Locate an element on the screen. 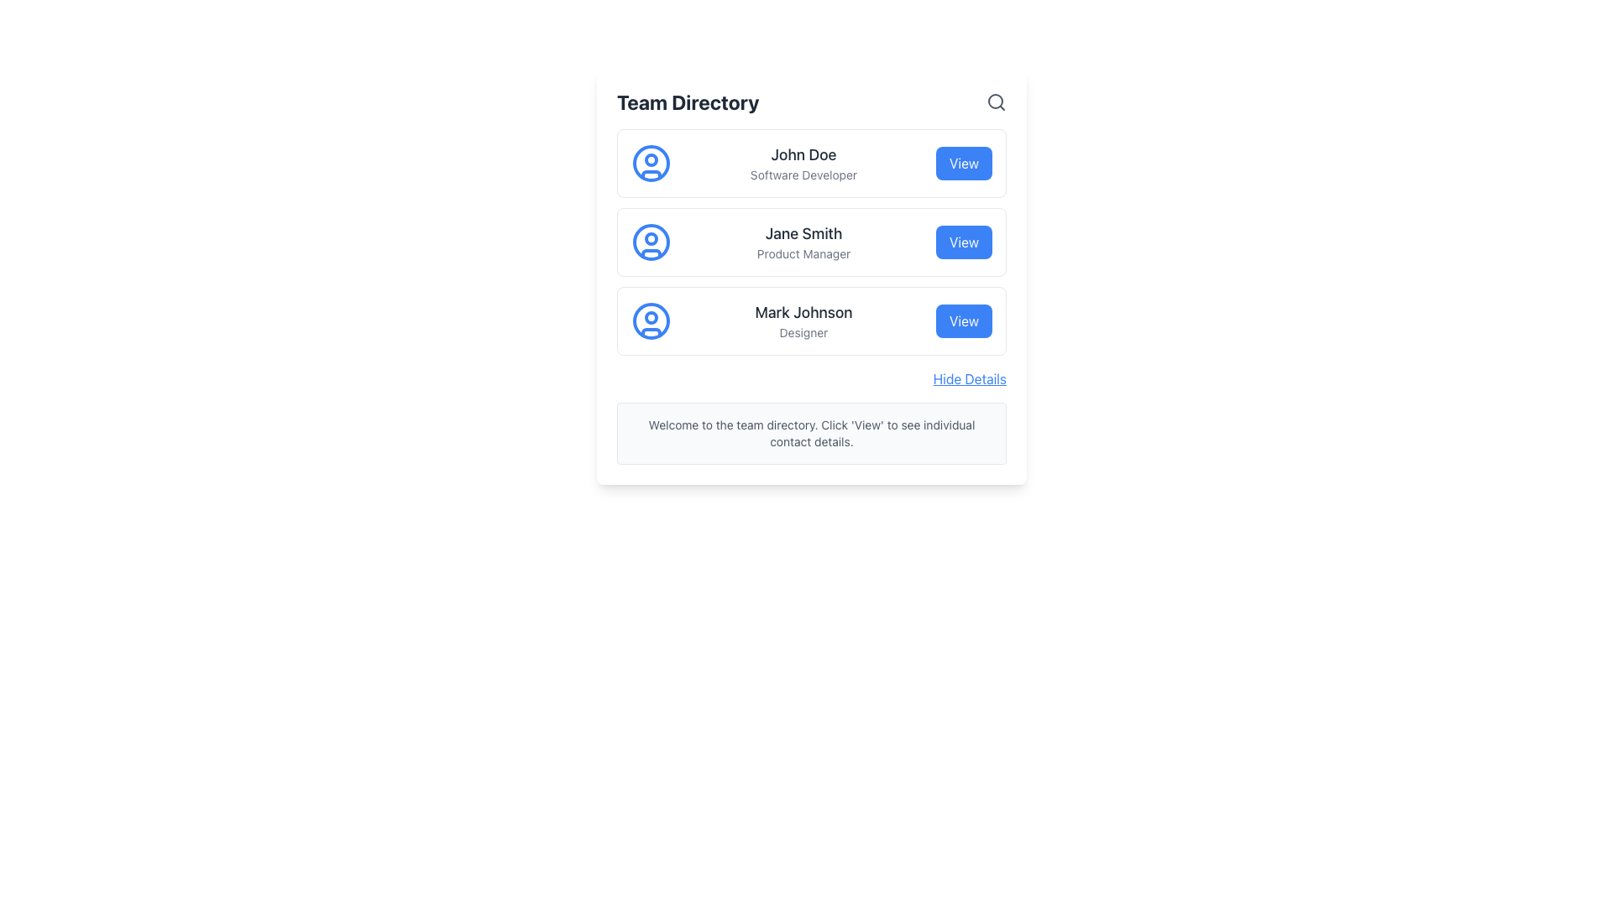 The height and width of the screenshot is (906, 1612). the text block that displays the name and professional role of a user profile, located to the right of the blue circular user icon and to the left of the 'View' button in the topmost card of the 'Team Directory' is located at coordinates (803, 164).